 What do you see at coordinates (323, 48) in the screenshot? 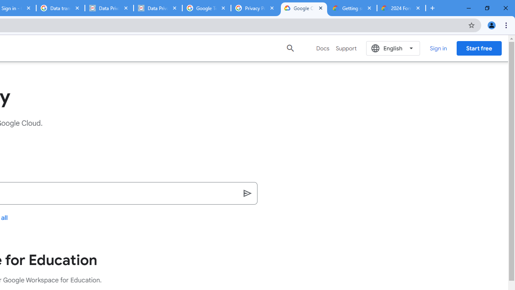
I see `'Docs'` at bounding box center [323, 48].